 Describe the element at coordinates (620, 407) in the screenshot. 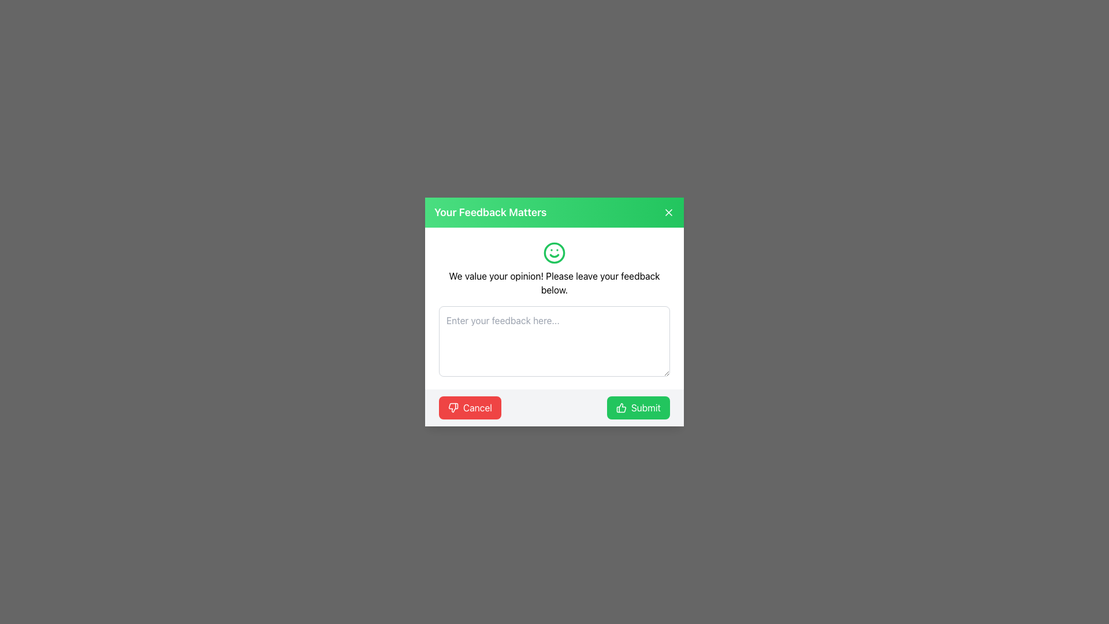

I see `the icon located within the 'Submit' button at the bottom-right of the modal dialog, positioned left of the 'Submit' text` at that location.